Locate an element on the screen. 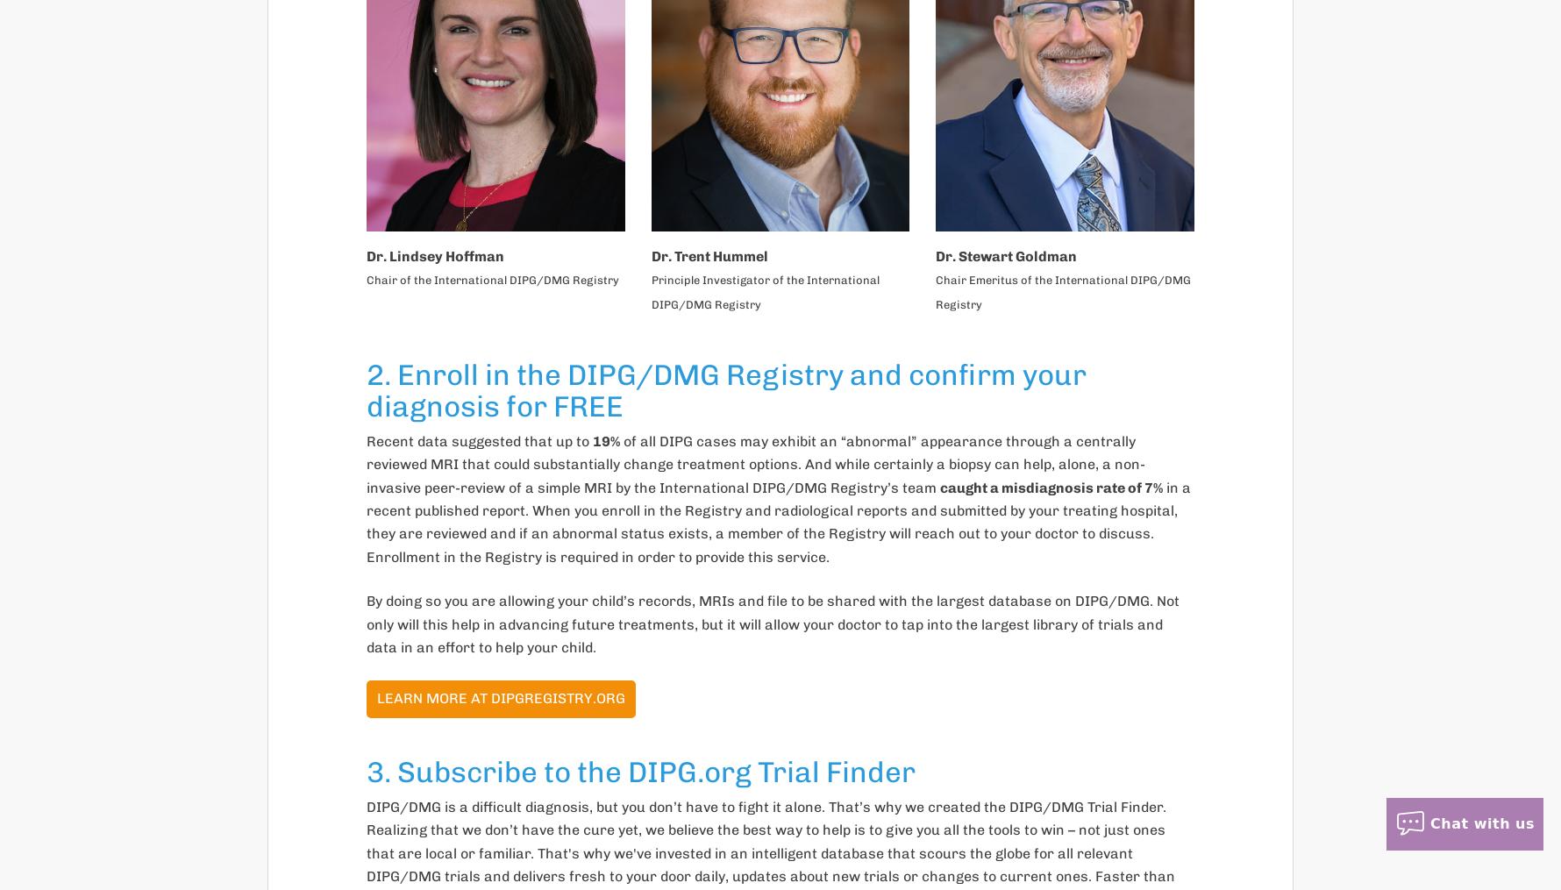 Image resolution: width=1561 pixels, height=890 pixels. 'caught a misdiagnosis rate of 7%' is located at coordinates (1051, 487).